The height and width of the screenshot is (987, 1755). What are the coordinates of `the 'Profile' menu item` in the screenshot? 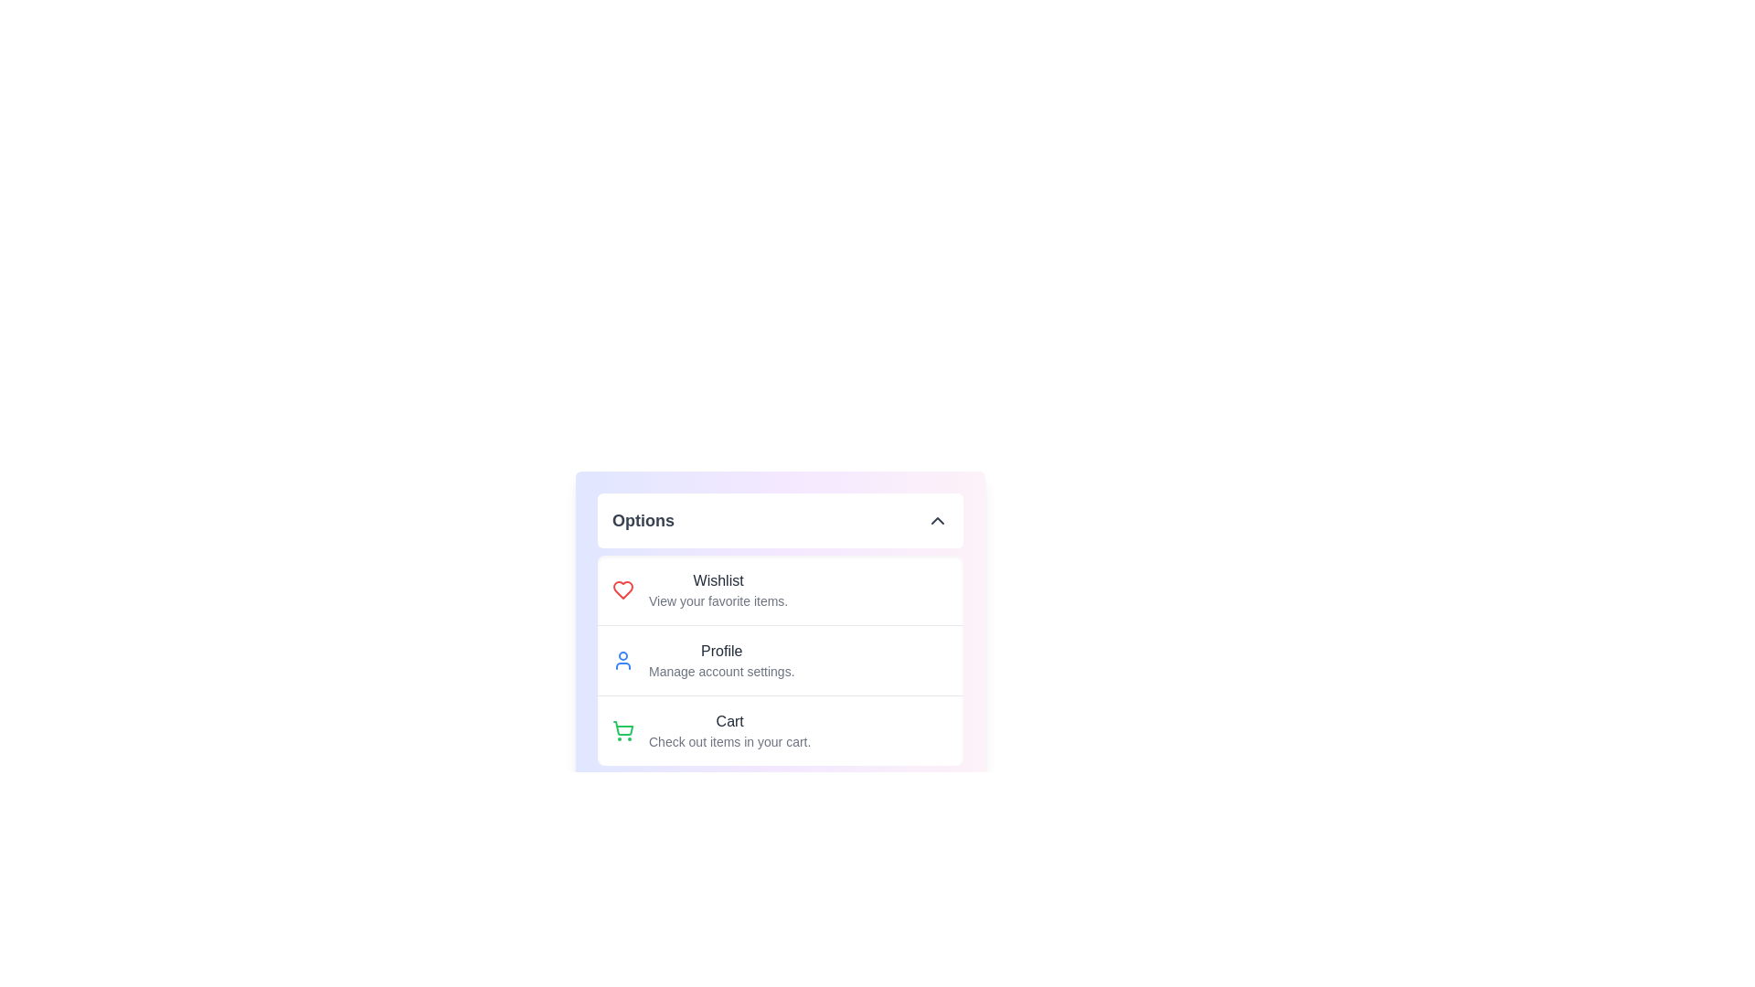 It's located at (719, 660).